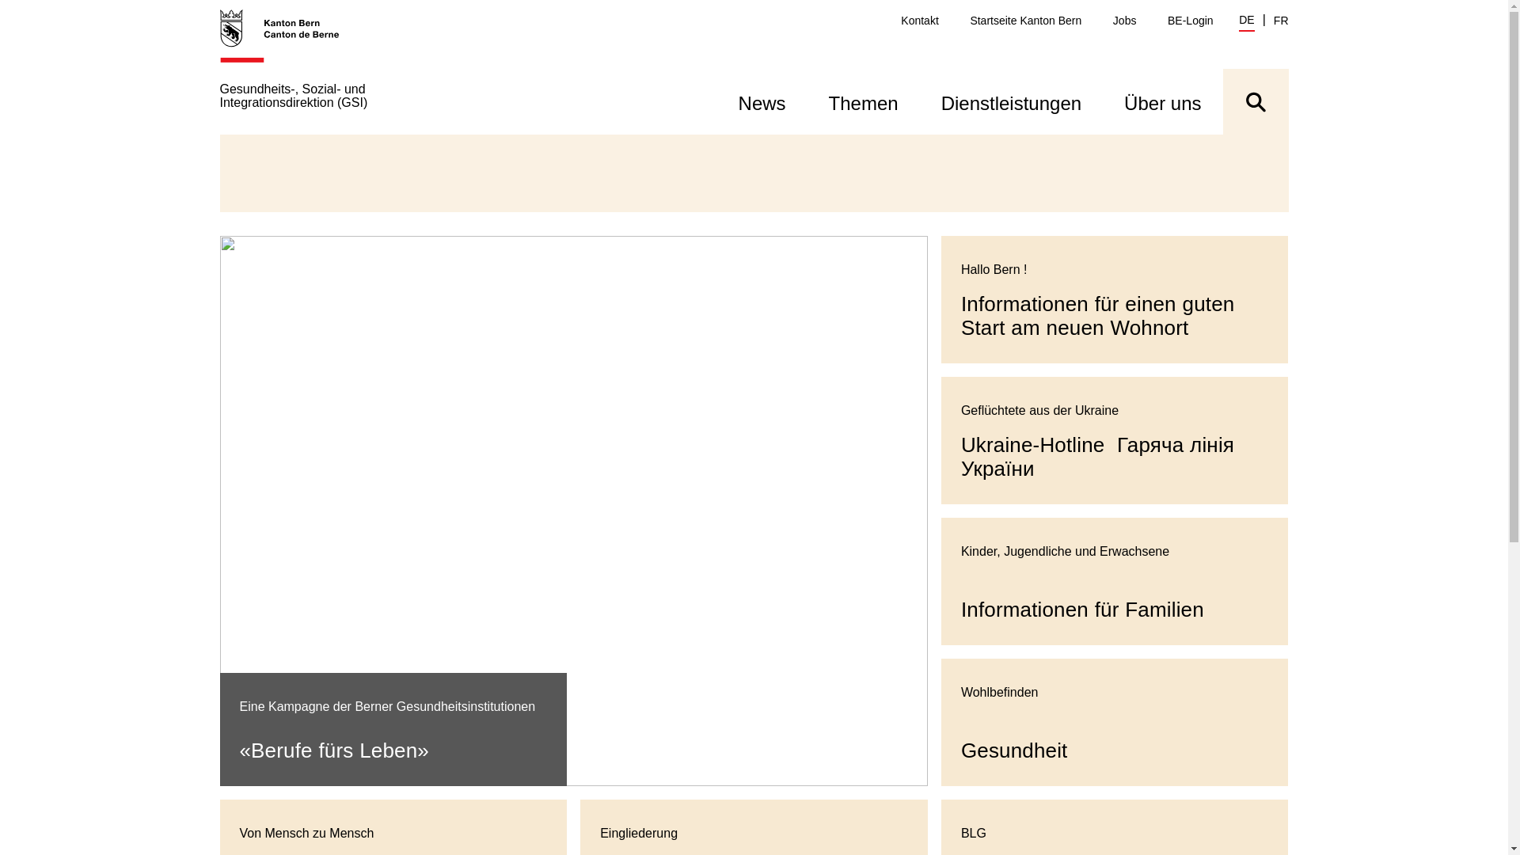  Describe the element at coordinates (862, 101) in the screenshot. I see `'Themen'` at that location.